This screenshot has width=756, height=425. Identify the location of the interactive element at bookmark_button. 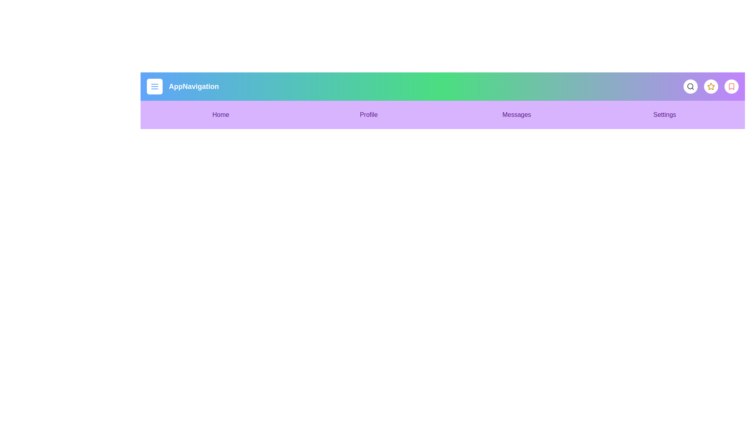
(731, 86).